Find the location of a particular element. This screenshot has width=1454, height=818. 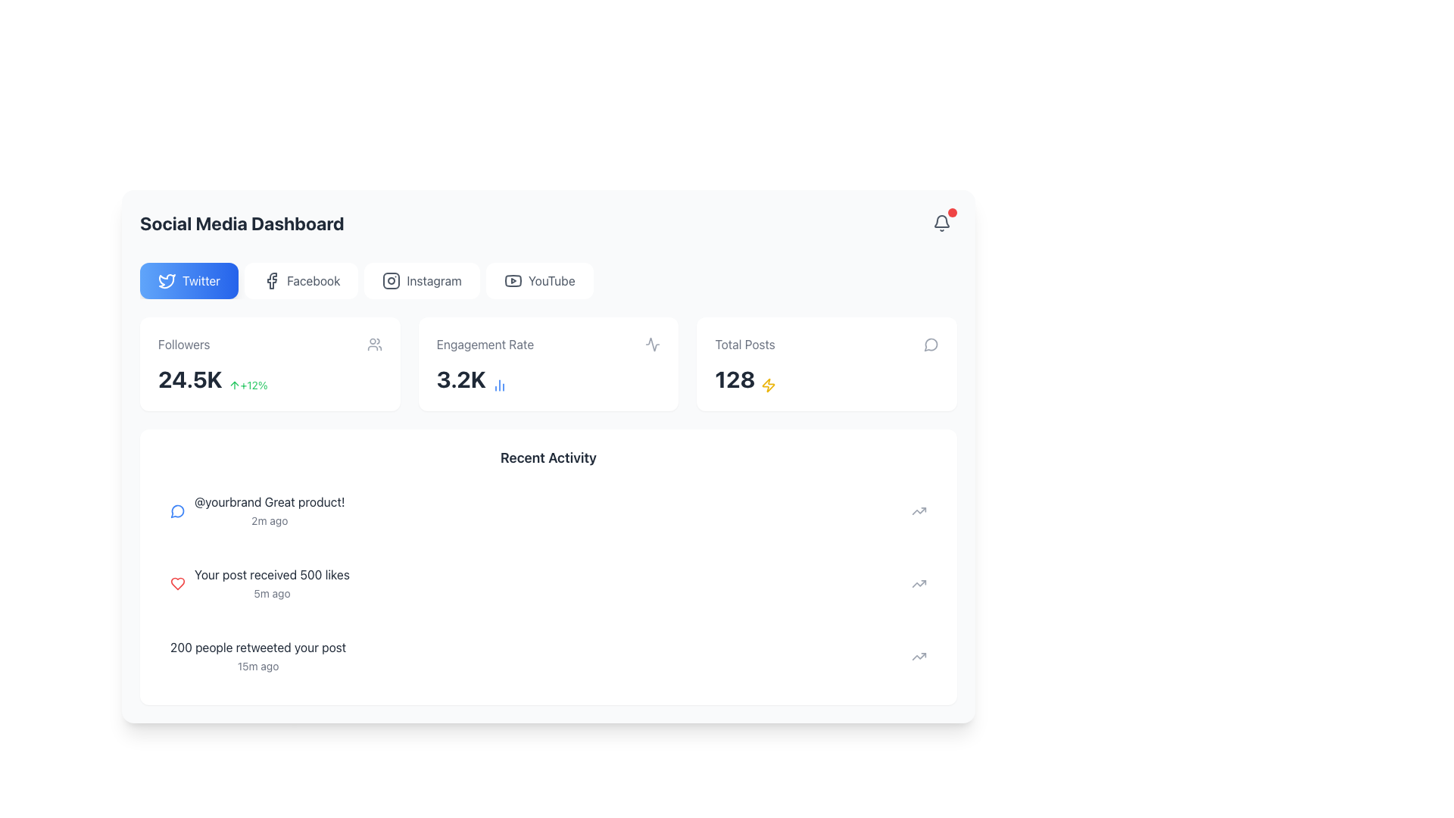

the text label that states 'Your post received 500 likes' with a red heart icon in the 'Recent Activity' section is located at coordinates (260, 583).